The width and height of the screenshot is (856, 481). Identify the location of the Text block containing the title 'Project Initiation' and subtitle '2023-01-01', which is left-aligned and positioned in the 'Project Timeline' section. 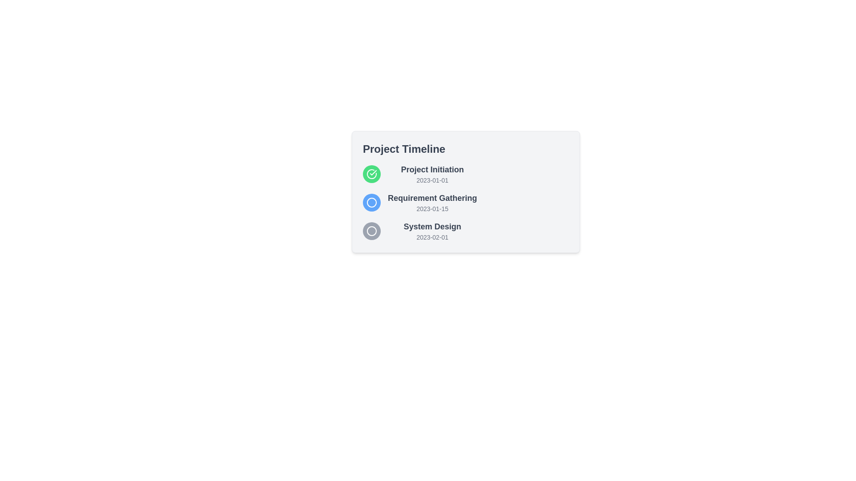
(432, 174).